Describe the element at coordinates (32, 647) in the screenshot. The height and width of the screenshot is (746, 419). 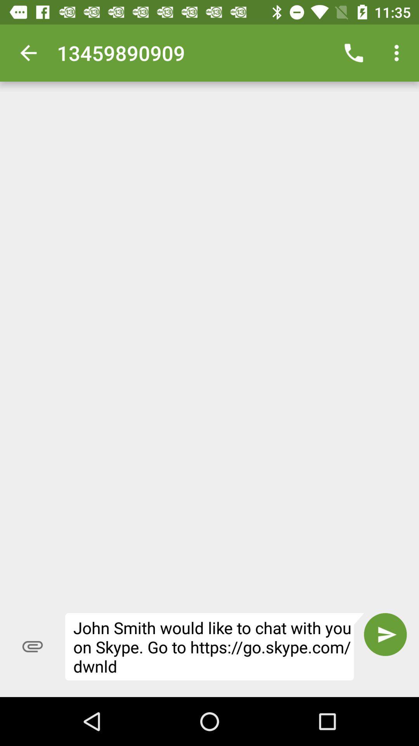
I see `the attach_file icon` at that location.